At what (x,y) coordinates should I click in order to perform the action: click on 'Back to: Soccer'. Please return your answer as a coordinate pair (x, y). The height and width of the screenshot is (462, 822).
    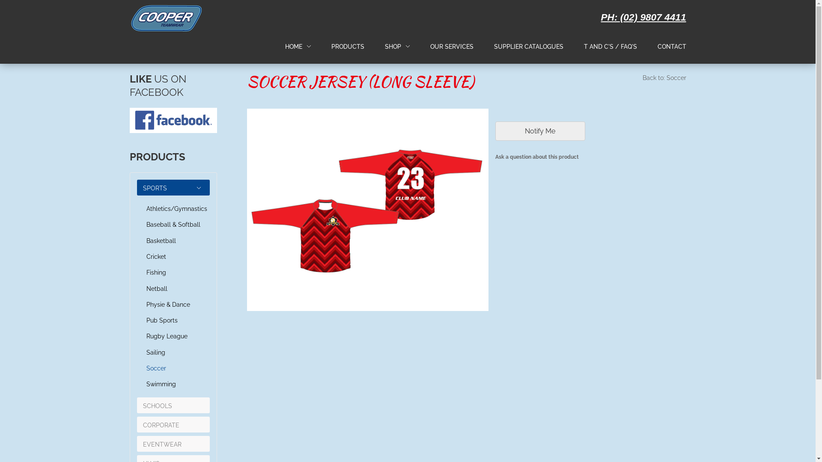
    Looking at the image, I should click on (663, 79).